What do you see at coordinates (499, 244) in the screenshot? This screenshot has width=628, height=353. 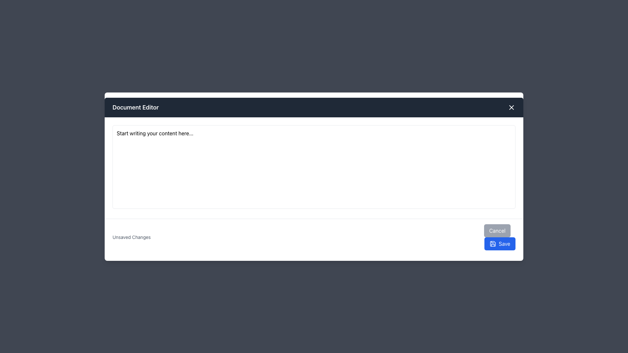 I see `the blue 'Save' button with a floppy disk icon located at the bottom-right corner of the interface` at bounding box center [499, 244].